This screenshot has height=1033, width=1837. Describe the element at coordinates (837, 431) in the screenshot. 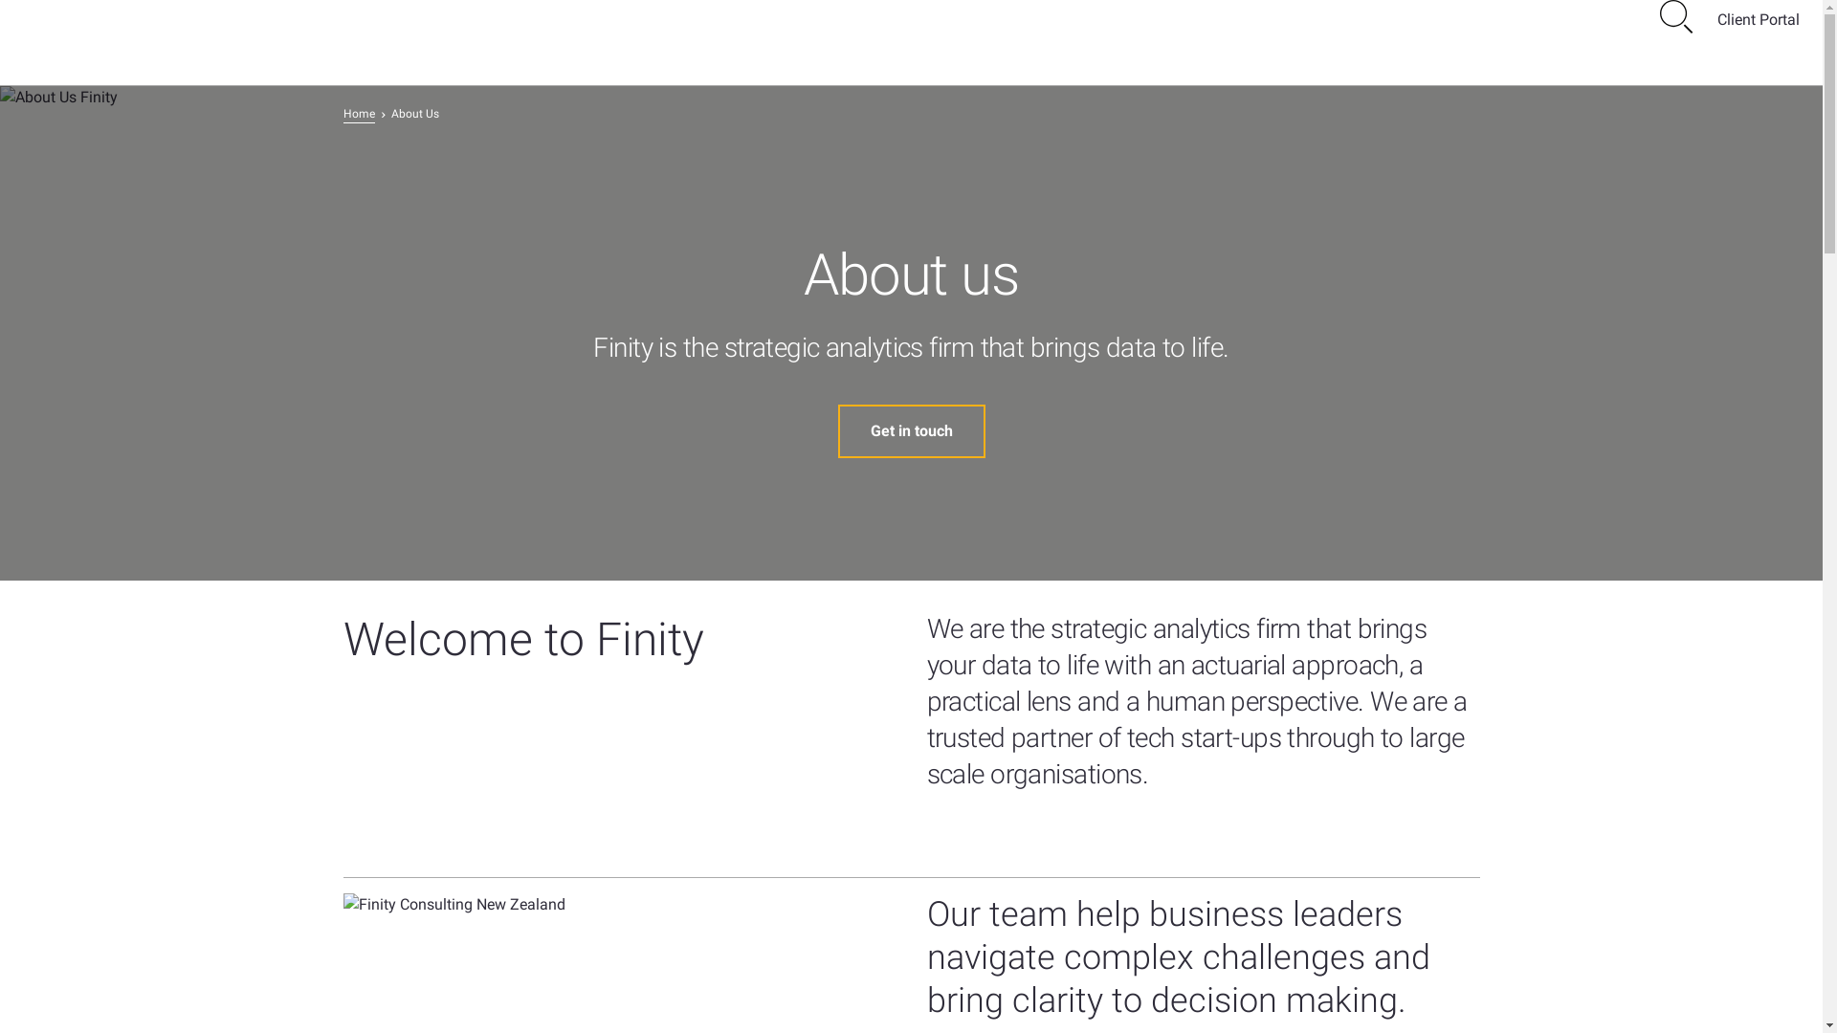

I see `'Get in touch'` at that location.